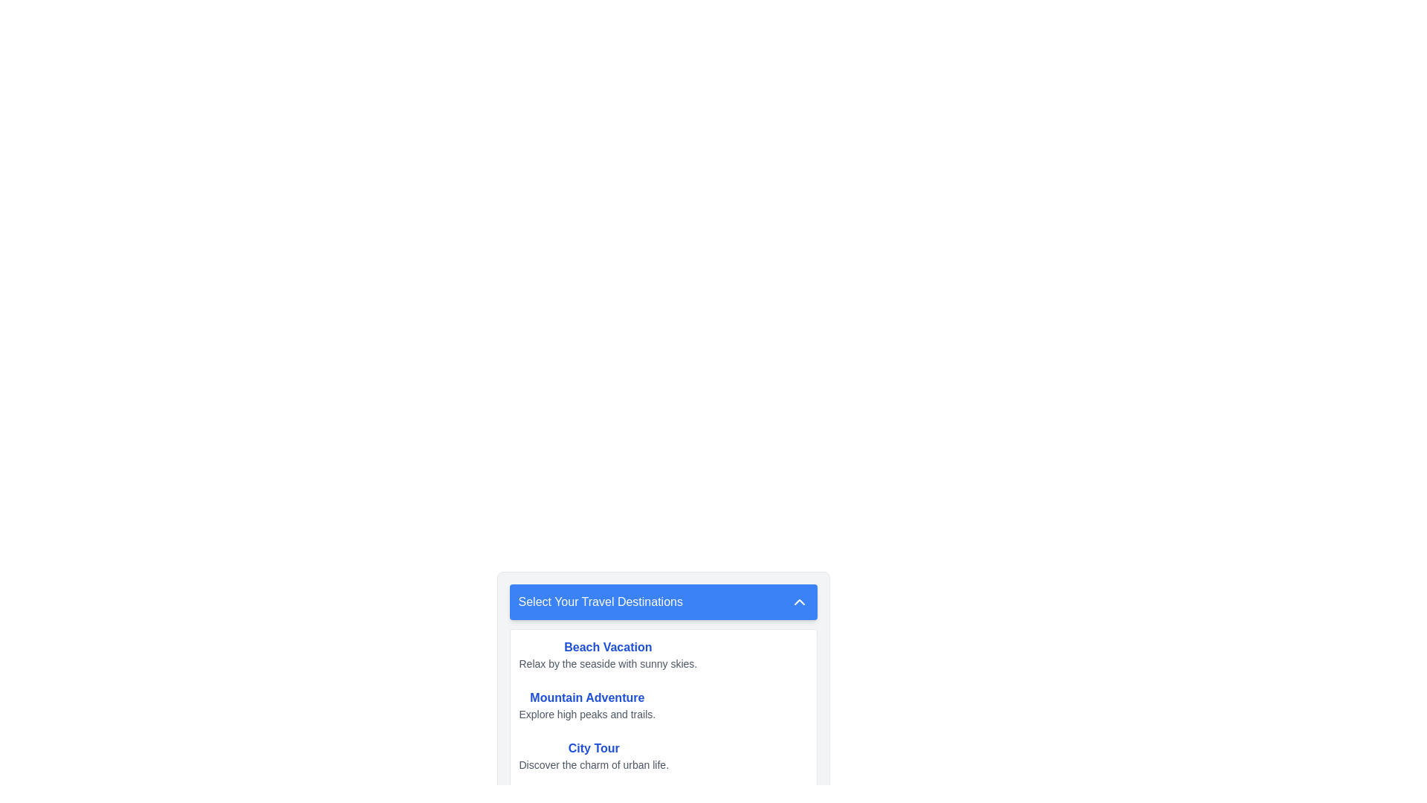 The height and width of the screenshot is (803, 1427). Describe the element at coordinates (662, 756) in the screenshot. I see `the third option` at that location.